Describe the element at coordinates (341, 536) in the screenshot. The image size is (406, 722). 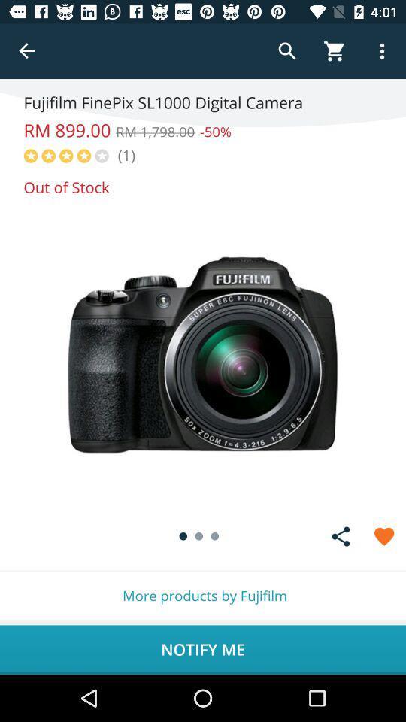
I see `share this item` at that location.